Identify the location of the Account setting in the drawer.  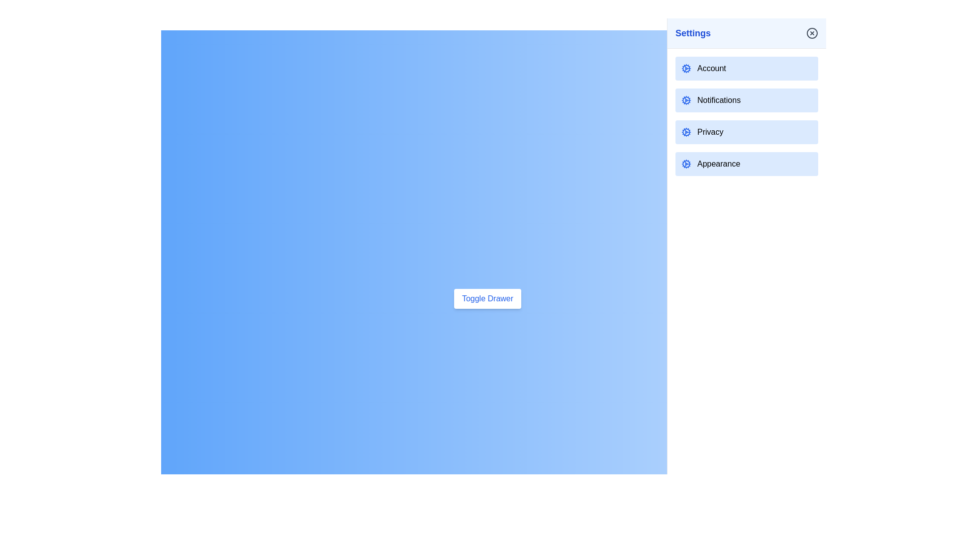
(747, 68).